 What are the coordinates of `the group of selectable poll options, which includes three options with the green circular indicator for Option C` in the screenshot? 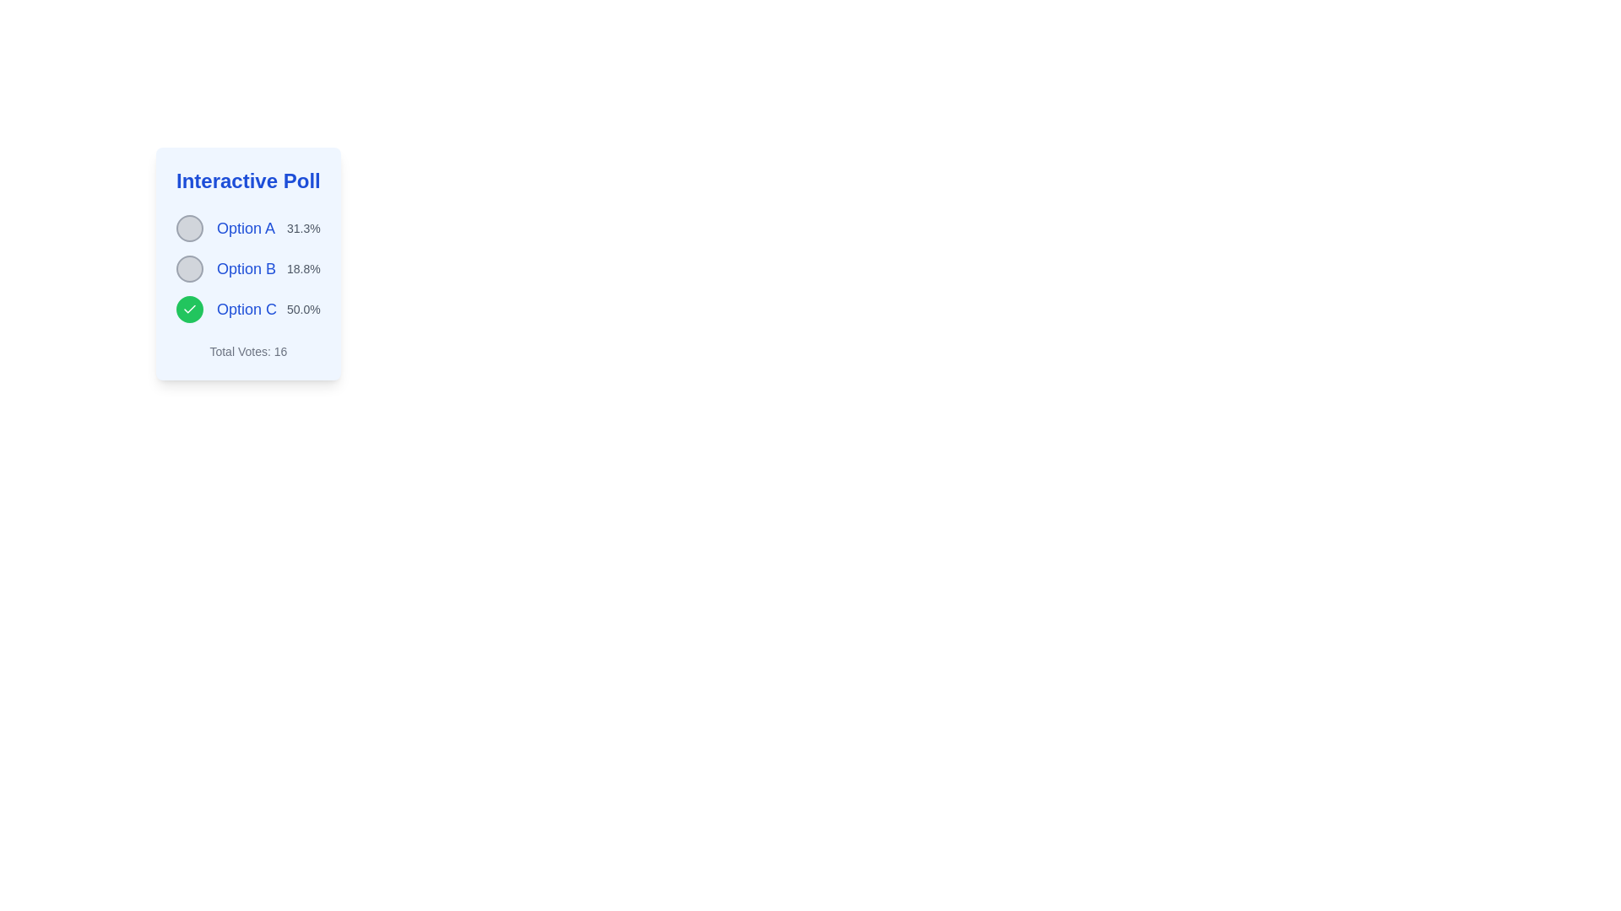 It's located at (247, 268).